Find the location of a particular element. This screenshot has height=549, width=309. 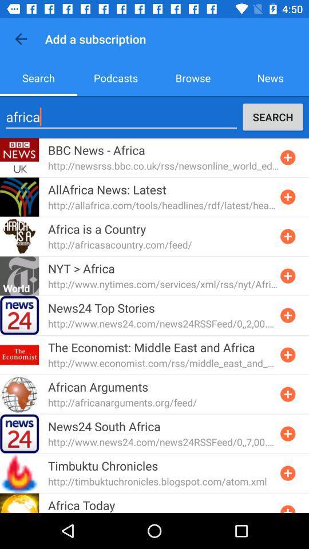

the the economist middle is located at coordinates (151, 347).